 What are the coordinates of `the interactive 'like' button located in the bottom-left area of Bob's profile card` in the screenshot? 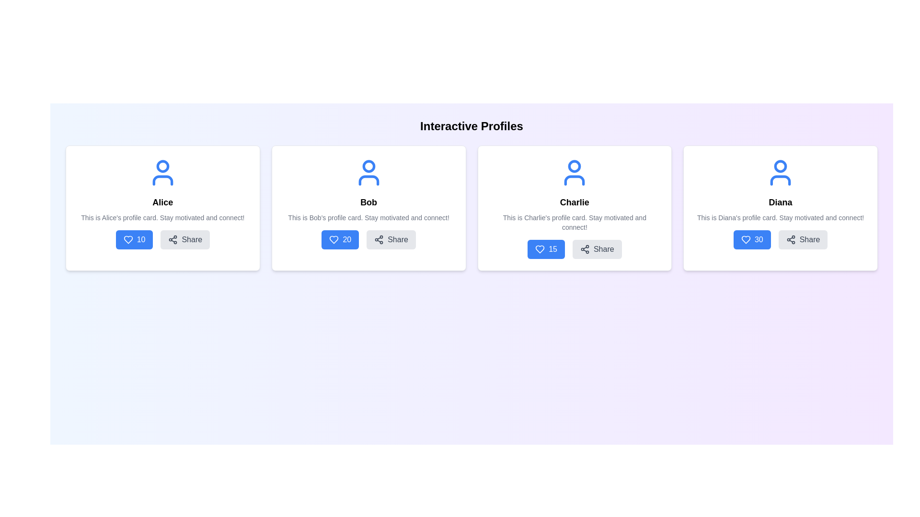 It's located at (340, 239).